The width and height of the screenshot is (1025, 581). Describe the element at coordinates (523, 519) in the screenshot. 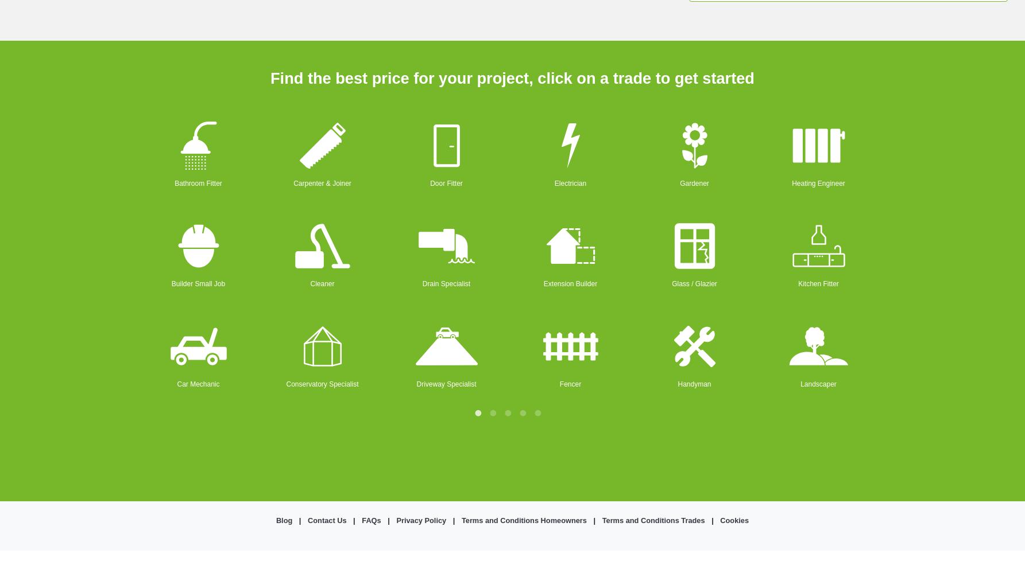

I see `'Terms and Conditions Homeowners'` at that location.